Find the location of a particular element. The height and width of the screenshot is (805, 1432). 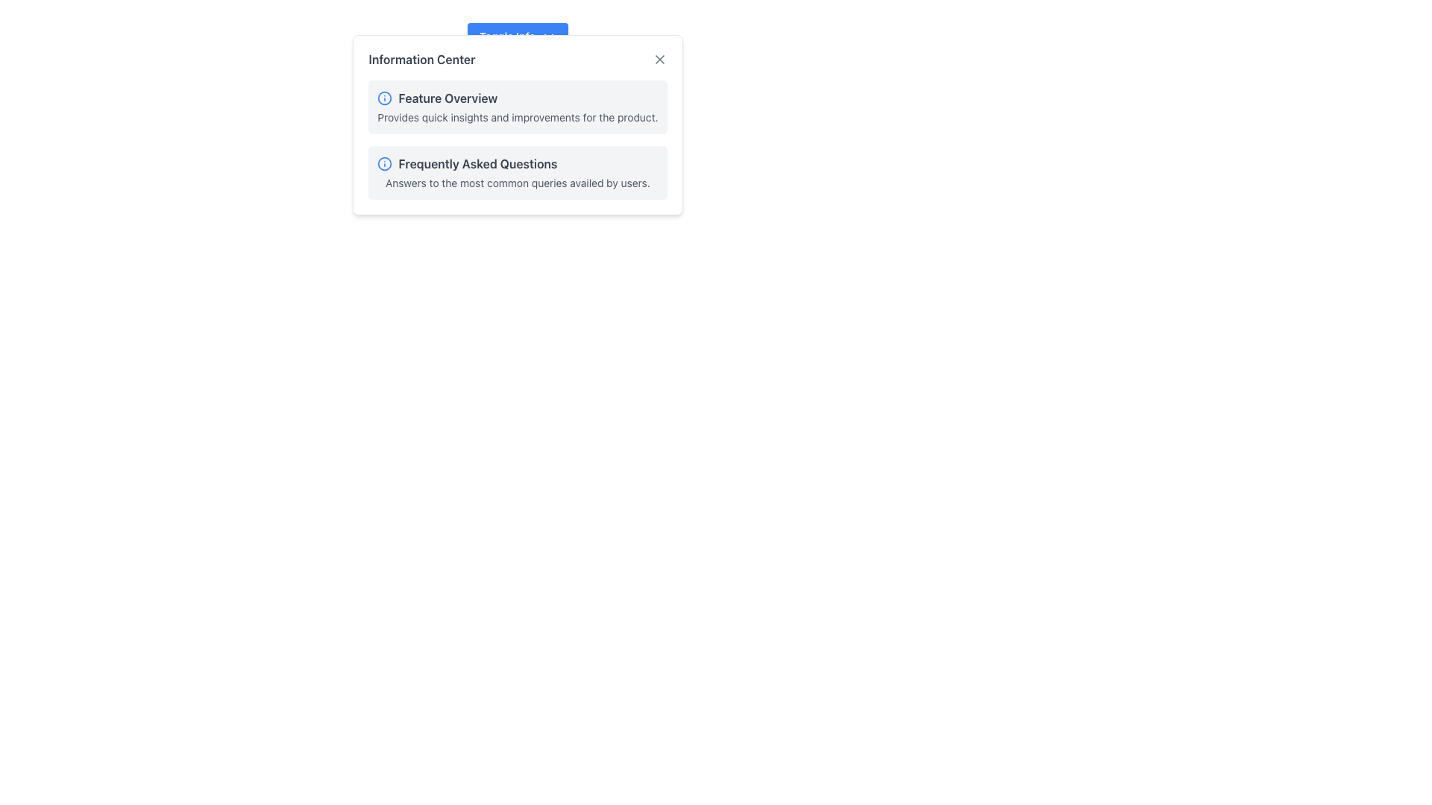

the Chevron icon located to the right side of the 'Toggle Info' button is located at coordinates (547, 36).